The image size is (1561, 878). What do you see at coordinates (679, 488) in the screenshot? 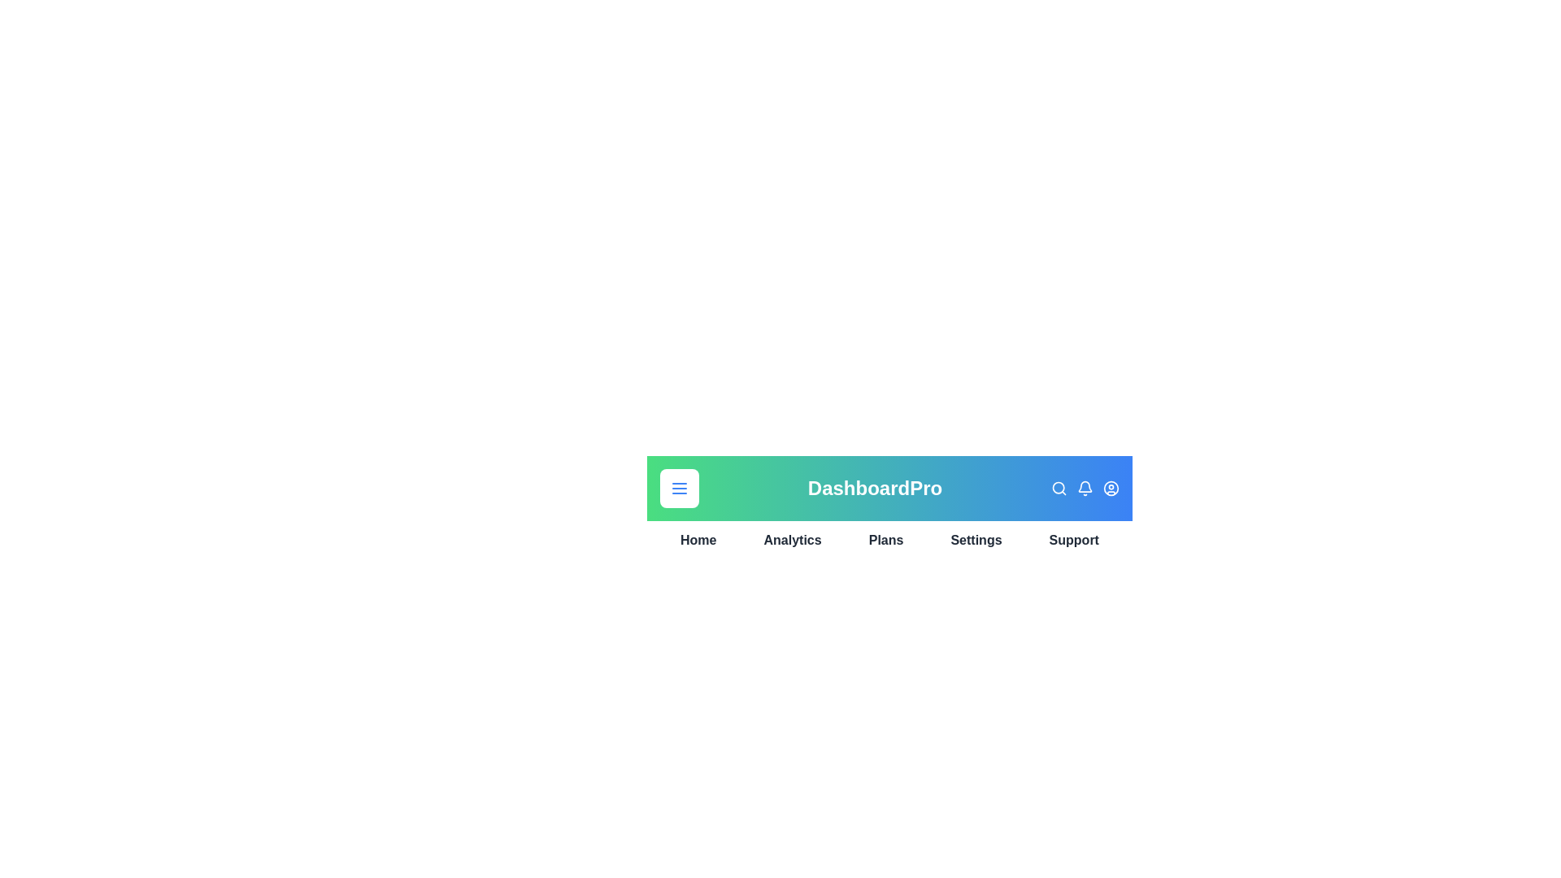
I see `the menu toggle button to toggle the menu visibility` at bounding box center [679, 488].